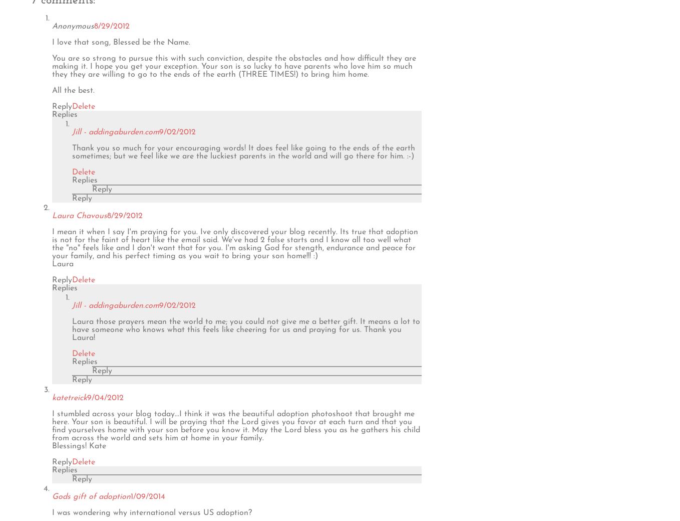 This screenshot has height=521, width=680. What do you see at coordinates (52, 397) in the screenshot?
I see `'katetreick'` at bounding box center [52, 397].